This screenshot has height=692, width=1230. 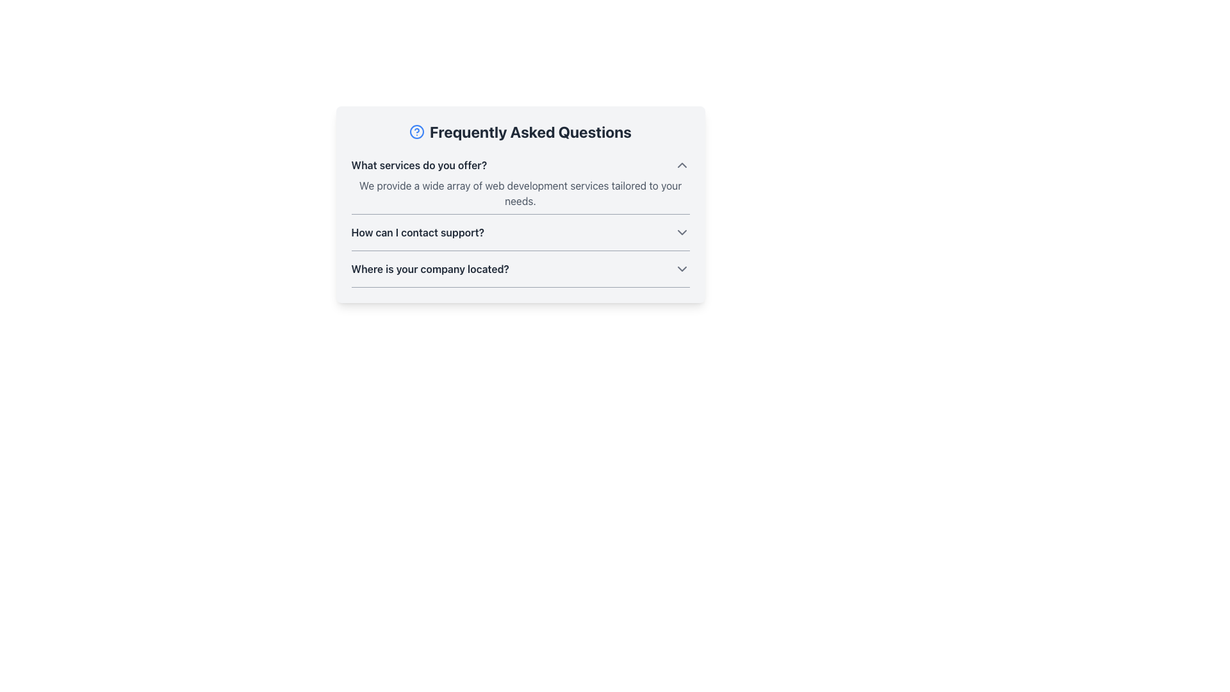 What do you see at coordinates (520, 238) in the screenshot?
I see `the second Collapsible FAQ Item related to 'How can I contact support?'` at bounding box center [520, 238].